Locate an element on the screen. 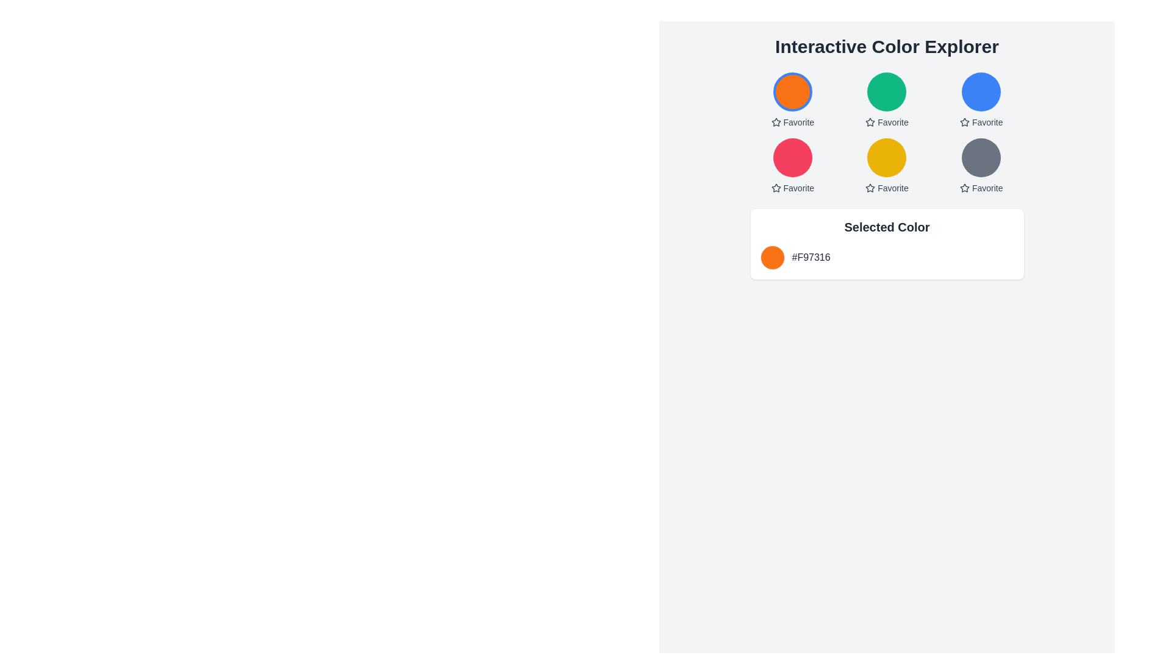 Image resolution: width=1171 pixels, height=658 pixels. the circular button with a gray background is located at coordinates (981, 157).